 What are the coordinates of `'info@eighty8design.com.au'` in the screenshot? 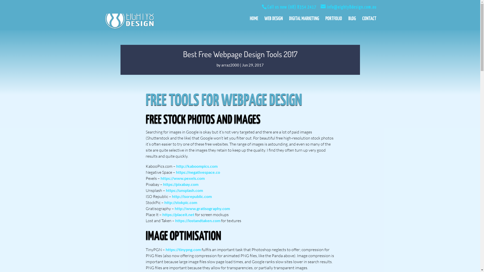 It's located at (320, 7).